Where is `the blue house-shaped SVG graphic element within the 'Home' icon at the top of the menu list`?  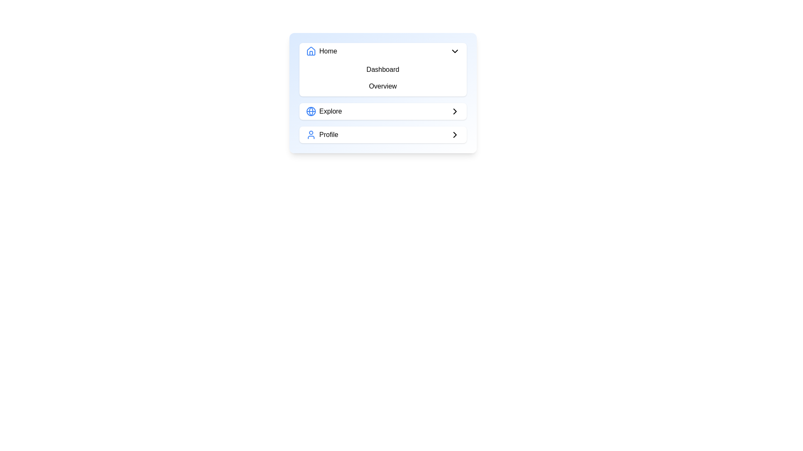
the blue house-shaped SVG graphic element within the 'Home' icon at the top of the menu list is located at coordinates (310, 51).